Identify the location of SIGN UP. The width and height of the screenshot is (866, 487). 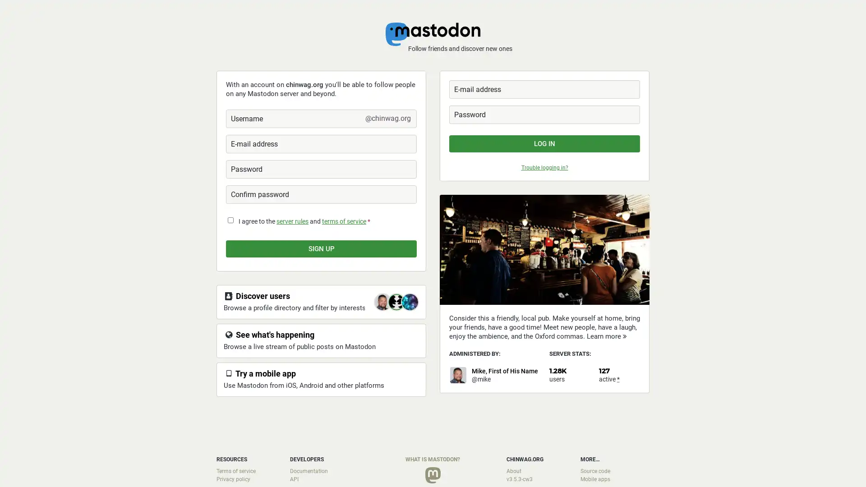
(321, 248).